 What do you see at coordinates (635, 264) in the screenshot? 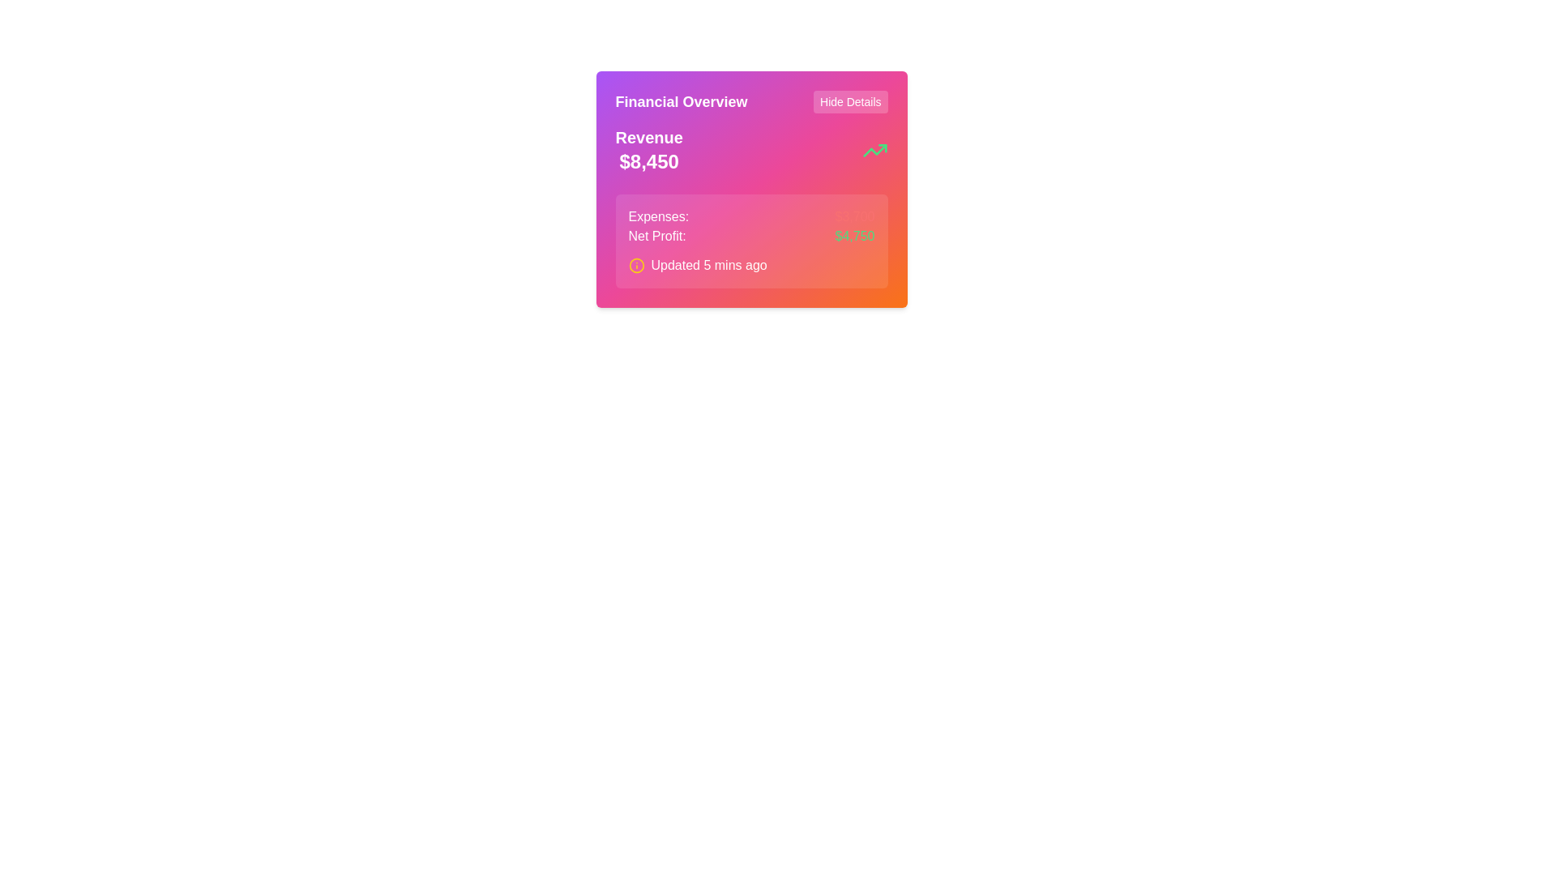
I see `the SVG Circle icon located at the bottom-left corner of the card component next to the text 'Updated 5 mins ago'` at bounding box center [635, 264].